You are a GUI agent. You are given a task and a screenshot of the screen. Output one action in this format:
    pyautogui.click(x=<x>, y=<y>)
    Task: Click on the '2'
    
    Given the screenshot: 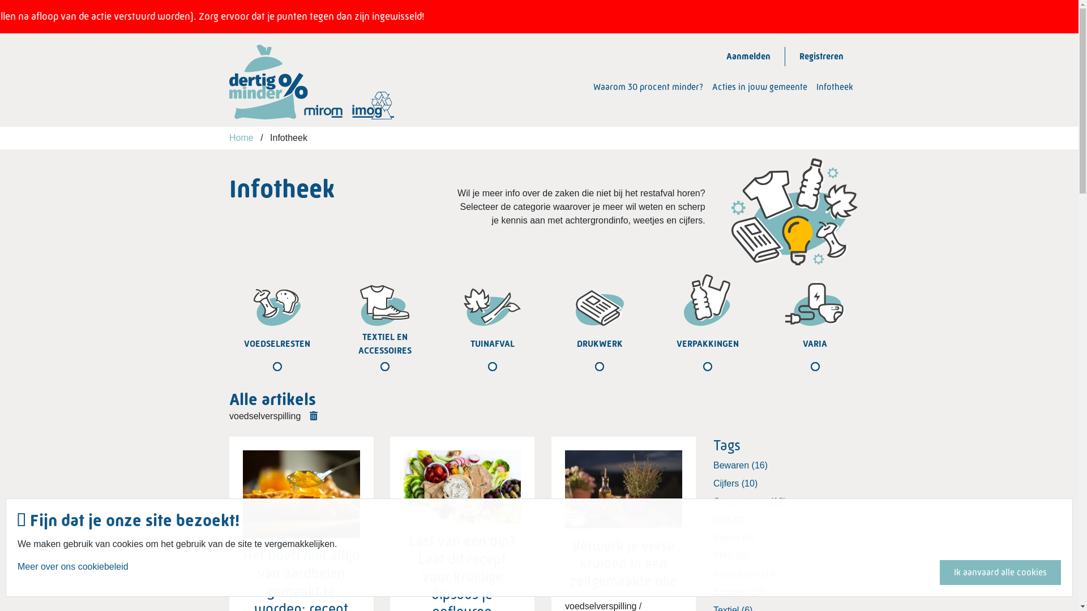 What is the action you would take?
    pyautogui.click(x=332, y=355)
    